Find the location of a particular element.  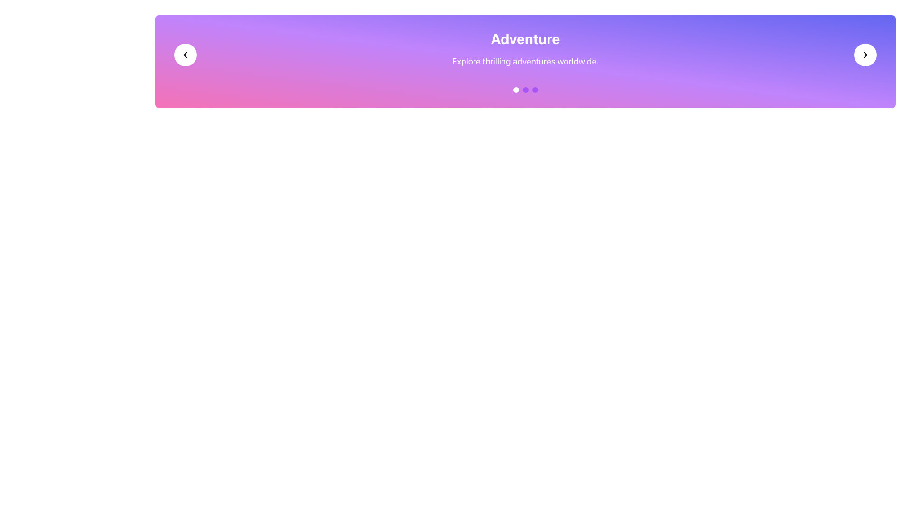

the navigation button located at the far-right side of the horizontal navigation section to advance to the next item is located at coordinates (865, 55).